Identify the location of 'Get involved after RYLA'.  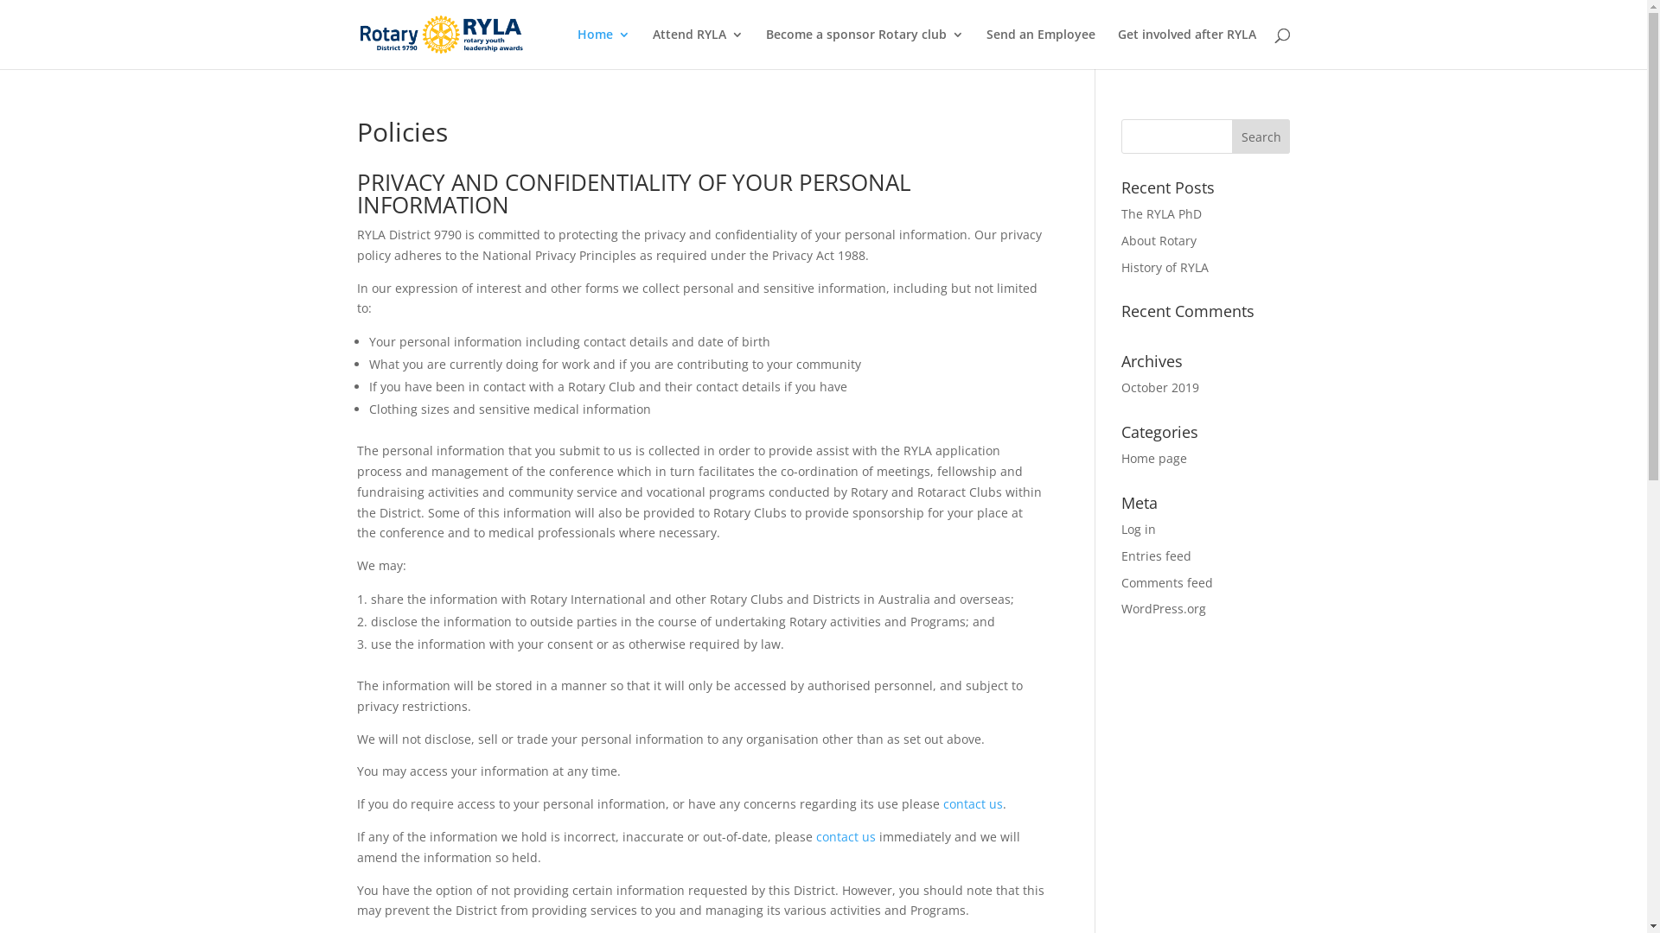
(1185, 48).